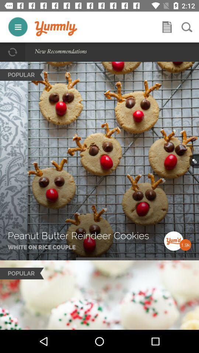 This screenshot has height=353, width=199. I want to click on logo of the application, so click(56, 29).